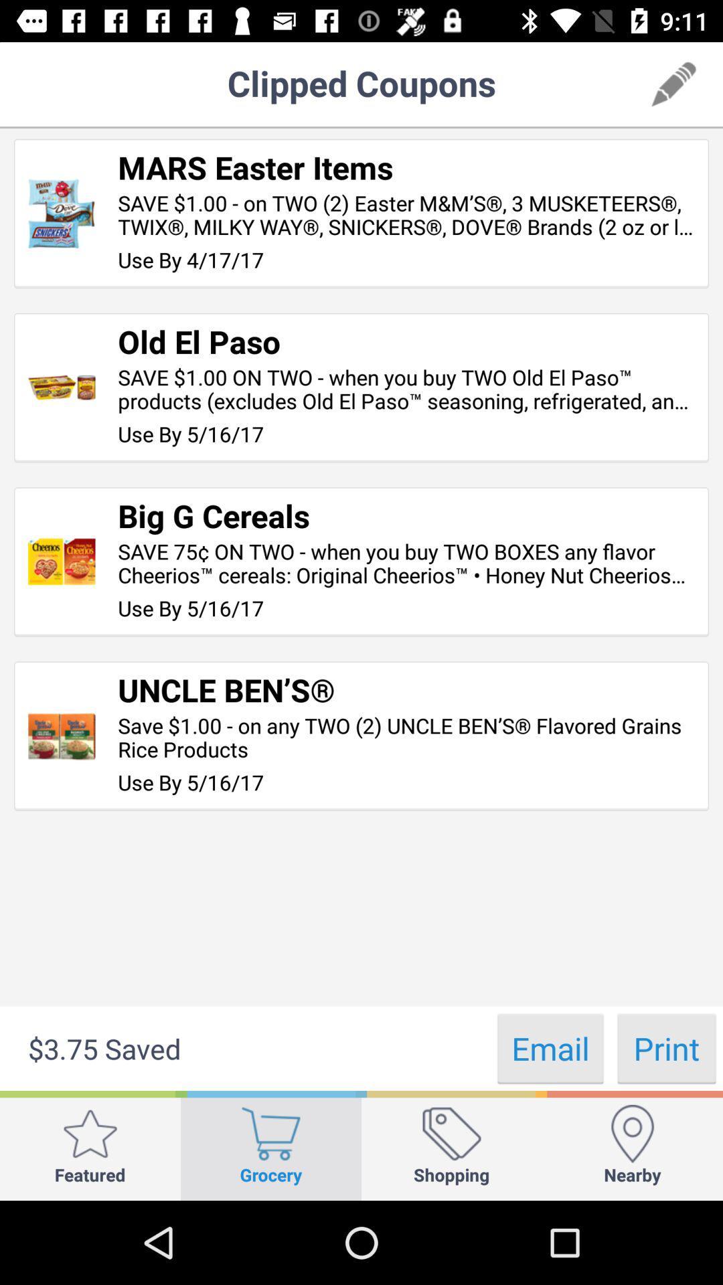 The height and width of the screenshot is (1285, 723). Describe the element at coordinates (550, 1047) in the screenshot. I see `the email button` at that location.